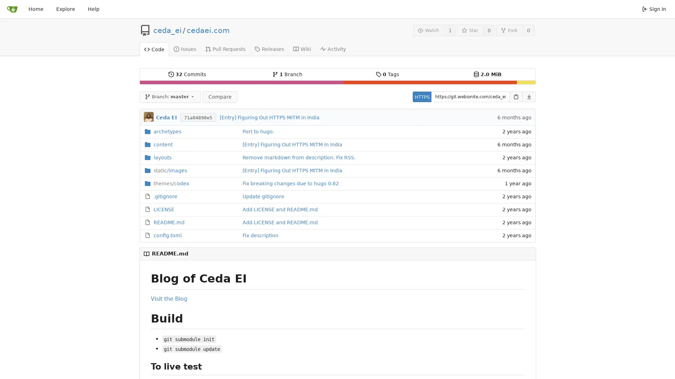 This screenshot has height=379, width=675. What do you see at coordinates (219, 97) in the screenshot?
I see `Compare` at bounding box center [219, 97].